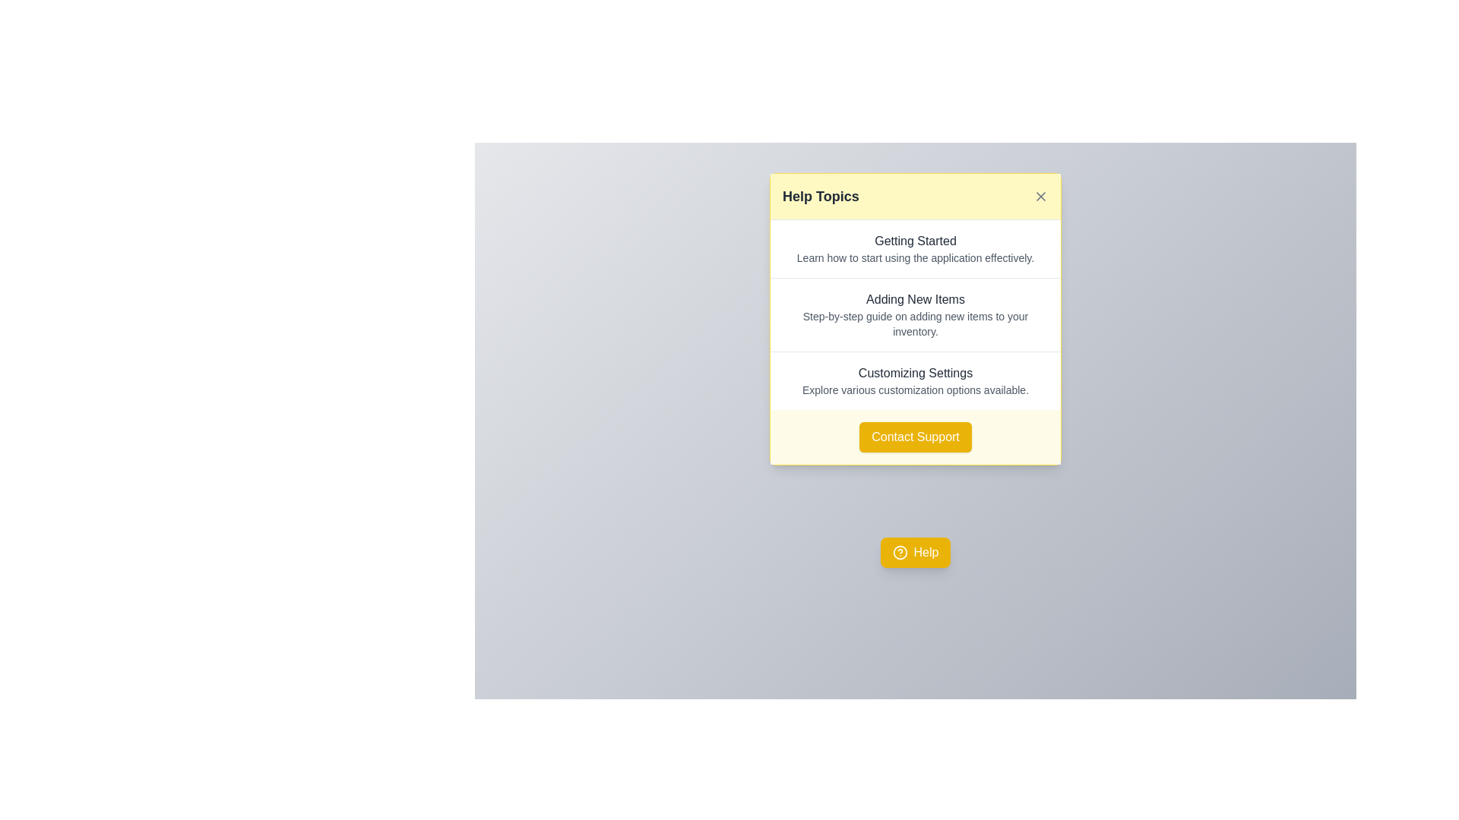  Describe the element at coordinates (914, 299) in the screenshot. I see `the title text that summarizes the topic of the help guide section about adding new items to an inventory, located in the center column of the 'Help Topics' modal window, positioned below 'Getting Started' and above 'Customizing Settings'` at that location.